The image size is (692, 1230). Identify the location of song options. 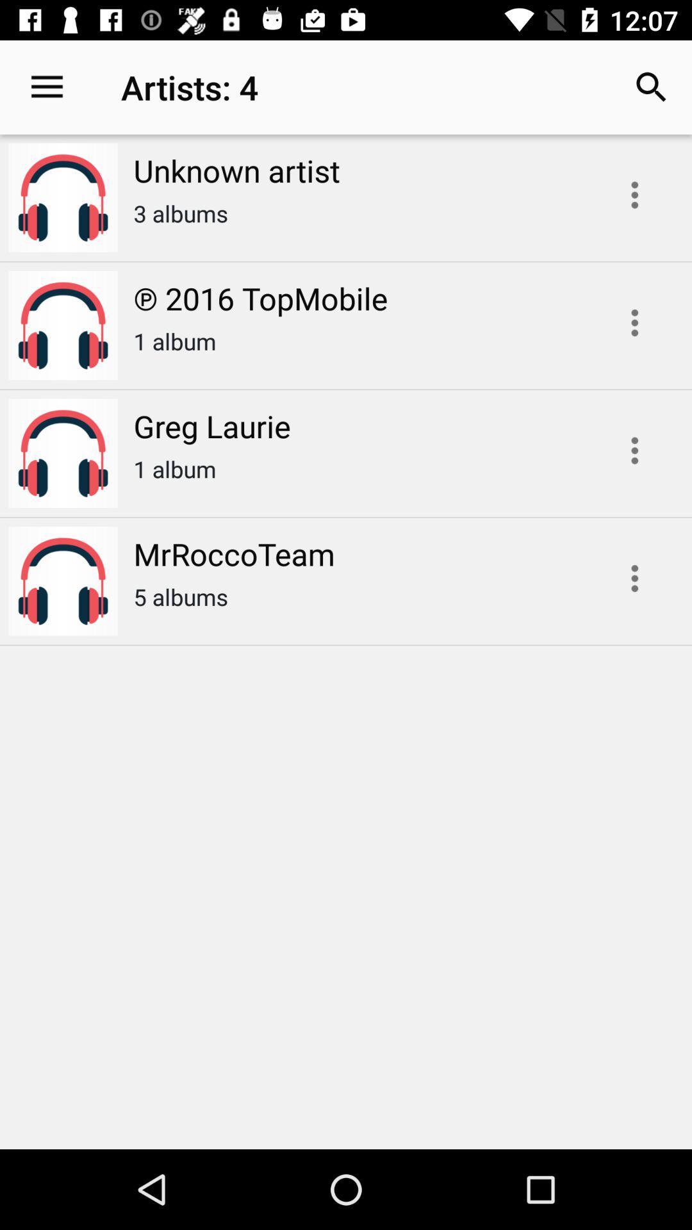
(634, 194).